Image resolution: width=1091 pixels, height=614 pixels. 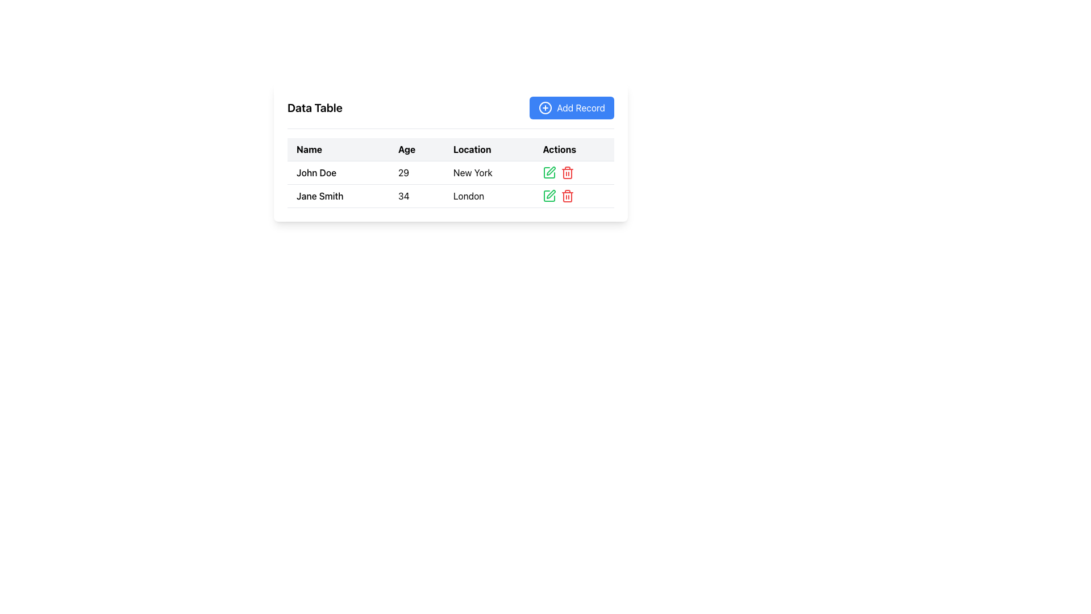 I want to click on the trash icon in the 'Actions' column of the data table for the row representing 'Jane Smith', so click(x=568, y=197).